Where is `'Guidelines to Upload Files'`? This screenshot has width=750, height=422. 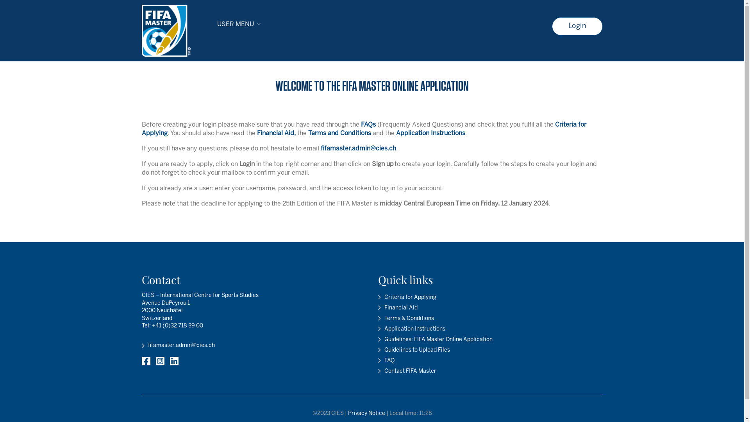 'Guidelines to Upload Files' is located at coordinates (414, 350).